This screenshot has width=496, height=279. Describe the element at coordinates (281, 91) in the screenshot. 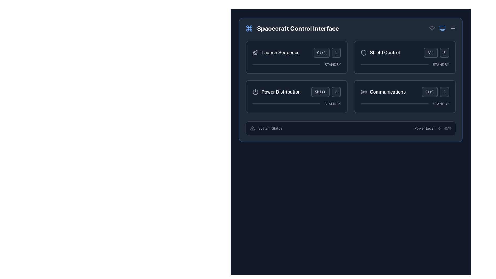

I see `the Text Label indicating the purpose of the section, located on the second row to the left of the 'Power Distribution' section and immediately to the right of the power icon` at that location.